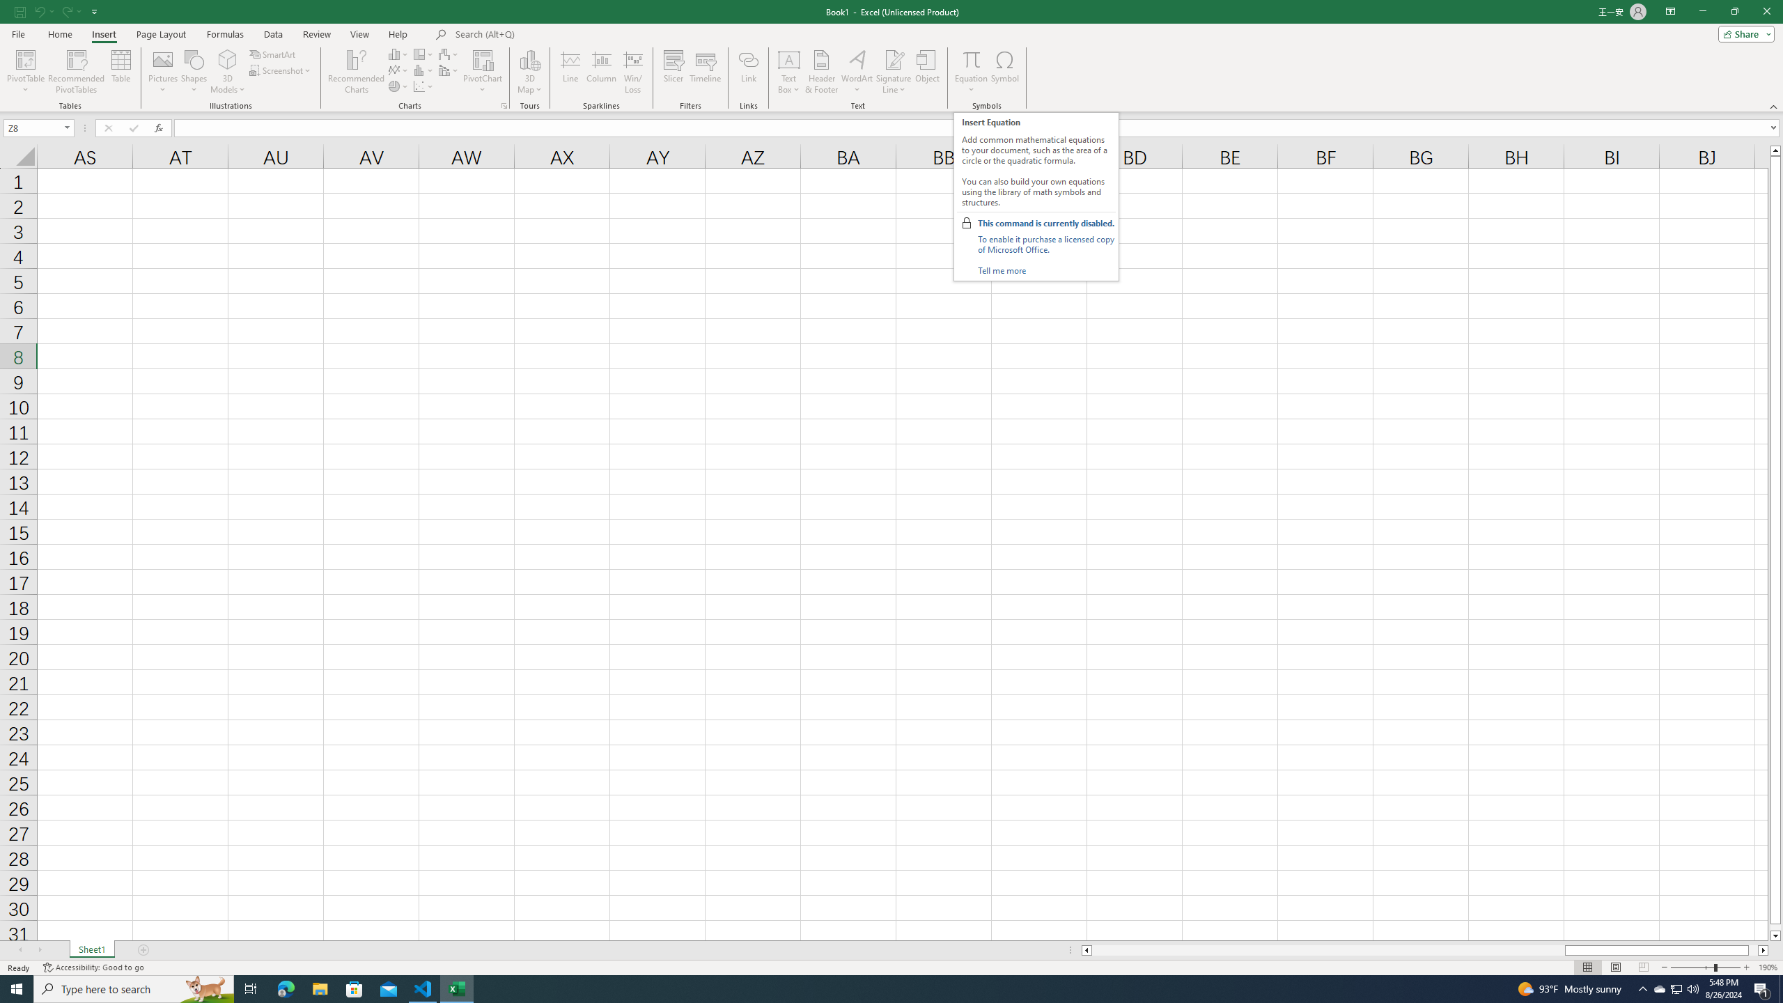 The image size is (1783, 1003). Describe the element at coordinates (602, 72) in the screenshot. I see `'Column'` at that location.